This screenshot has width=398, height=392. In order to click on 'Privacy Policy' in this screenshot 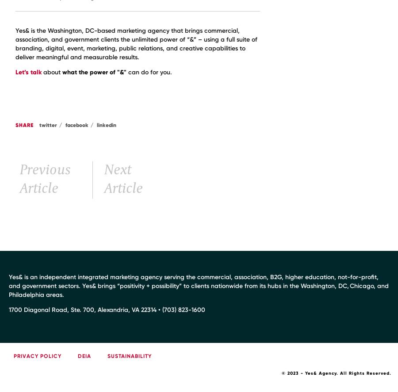, I will do `click(37, 356)`.